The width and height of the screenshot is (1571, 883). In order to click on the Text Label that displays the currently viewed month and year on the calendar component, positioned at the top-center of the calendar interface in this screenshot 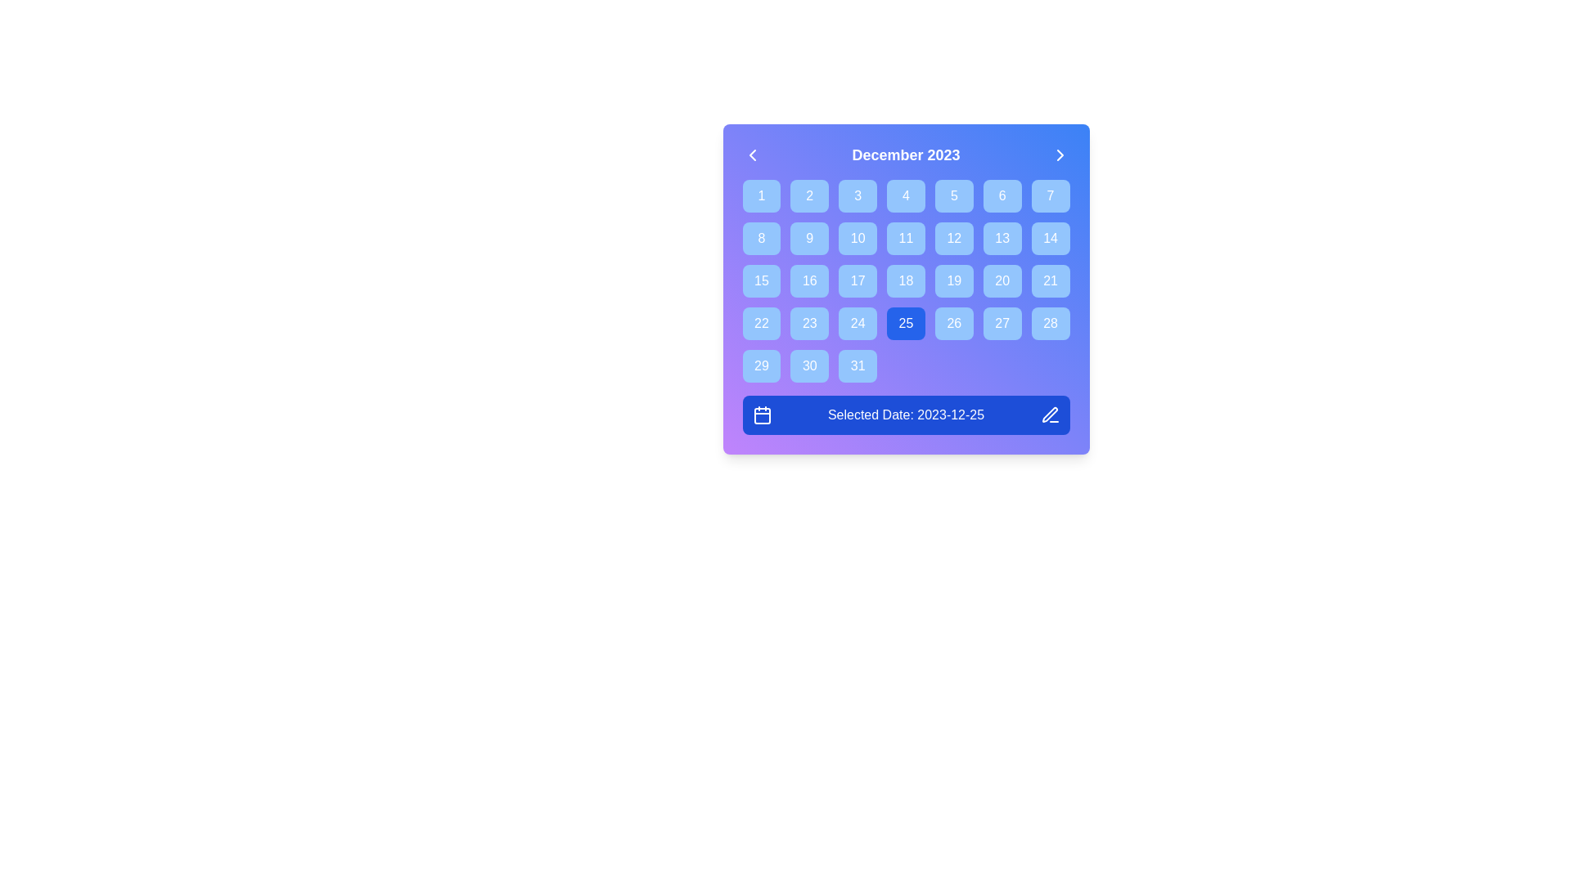, I will do `click(905, 155)`.